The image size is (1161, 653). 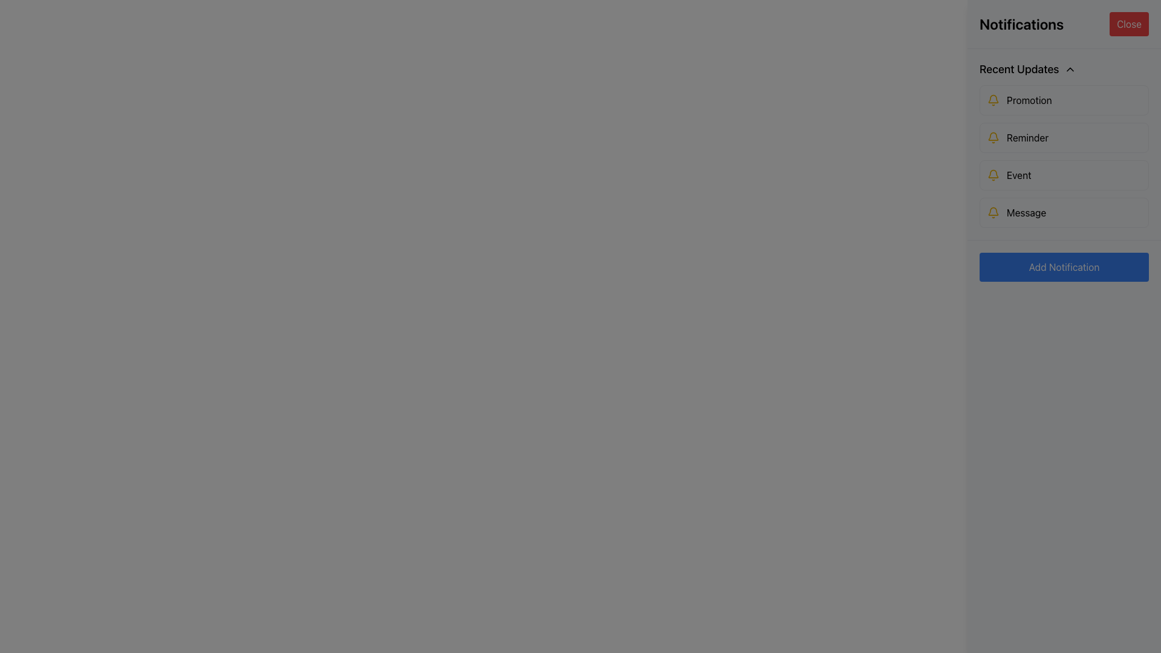 I want to click on the yellow bell-shaped icon in the notification system, located in the second row beneath the 'Recent Updates' section, so click(x=993, y=135).